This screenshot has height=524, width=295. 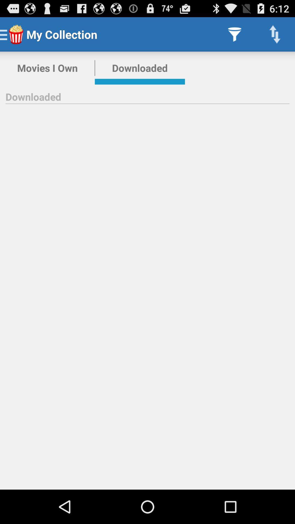 What do you see at coordinates (140, 68) in the screenshot?
I see `the item next to the movies i own` at bounding box center [140, 68].